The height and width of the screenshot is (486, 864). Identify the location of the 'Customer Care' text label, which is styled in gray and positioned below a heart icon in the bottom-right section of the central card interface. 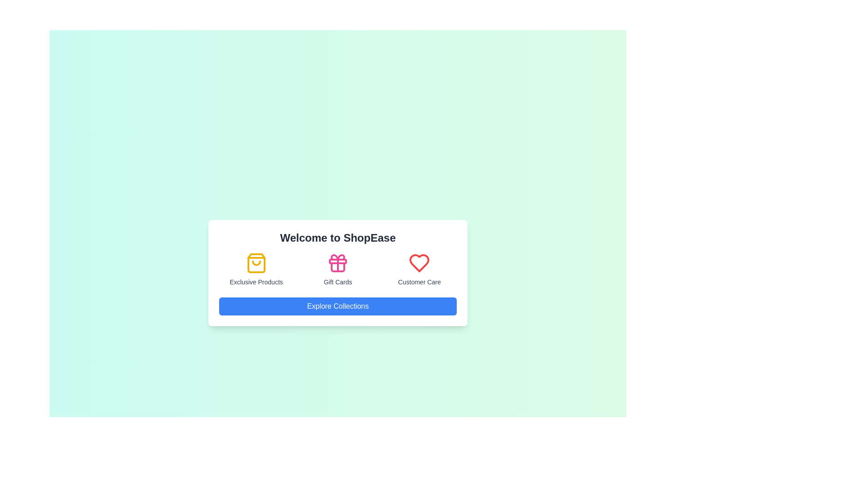
(419, 282).